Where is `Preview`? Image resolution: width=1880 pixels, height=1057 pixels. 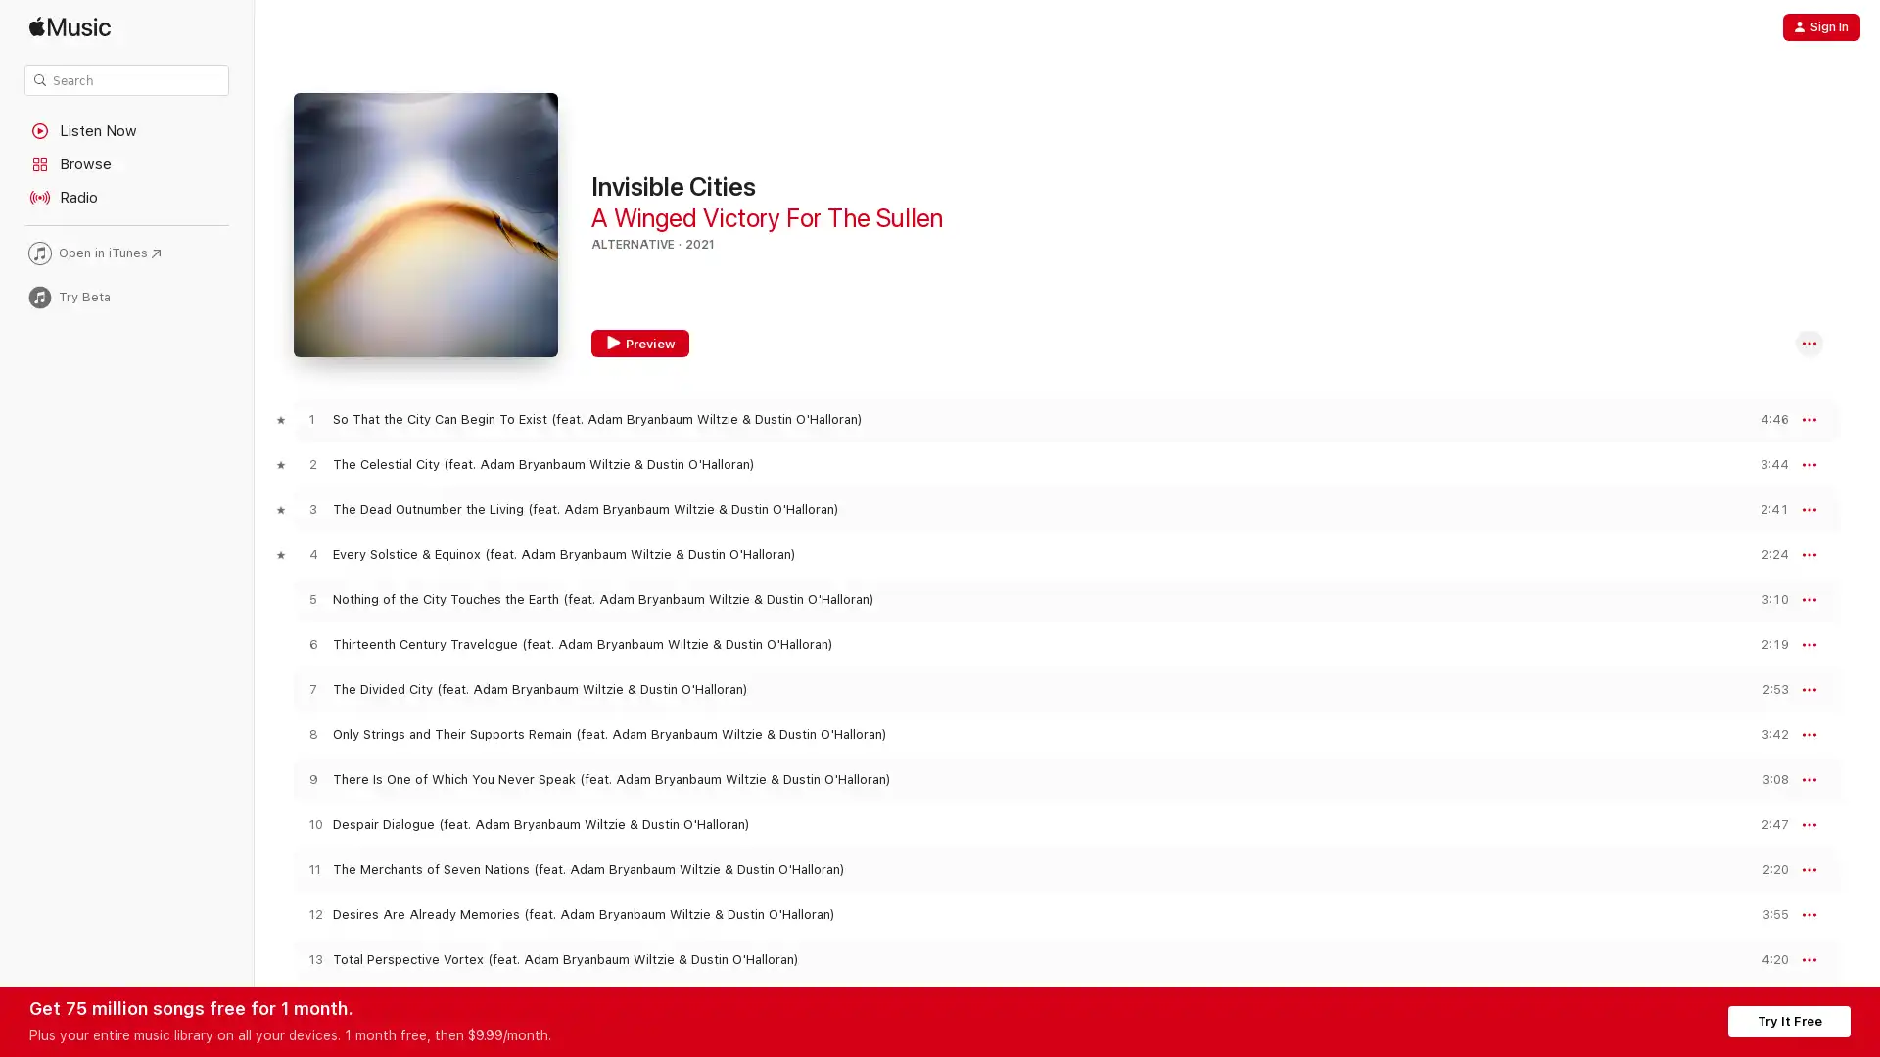 Preview is located at coordinates (1766, 778).